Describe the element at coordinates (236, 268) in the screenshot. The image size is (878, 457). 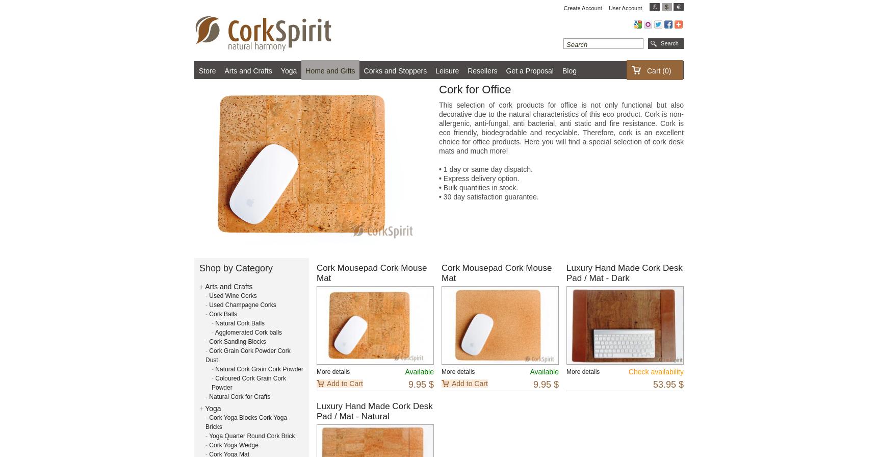
I see `'Shop by Category'` at that location.